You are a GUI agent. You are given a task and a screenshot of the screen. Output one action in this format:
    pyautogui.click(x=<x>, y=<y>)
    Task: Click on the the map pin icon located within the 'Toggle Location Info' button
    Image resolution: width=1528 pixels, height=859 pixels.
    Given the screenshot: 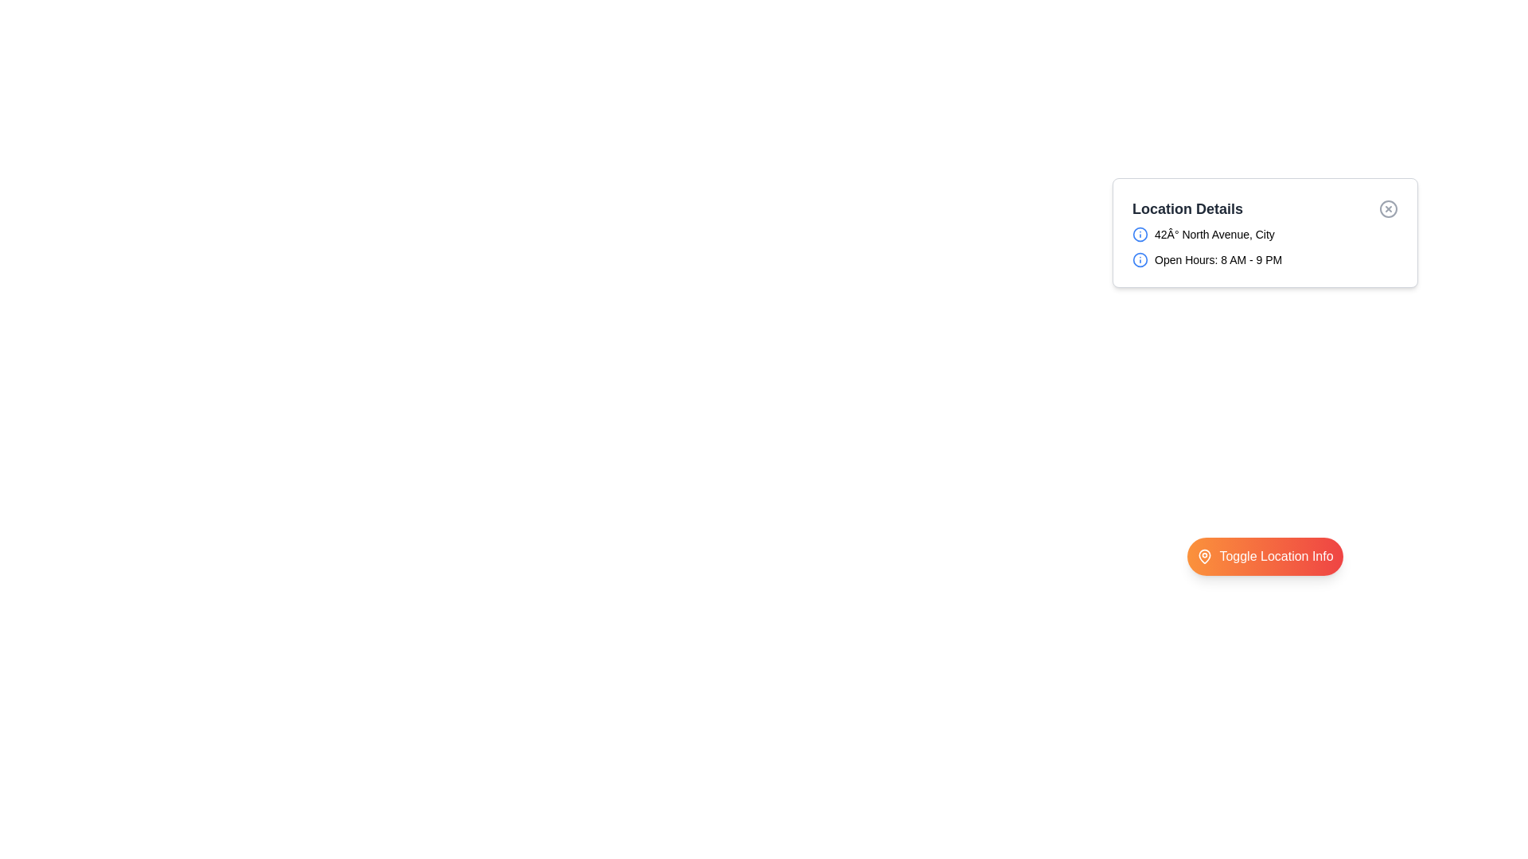 What is the action you would take?
    pyautogui.click(x=1205, y=555)
    